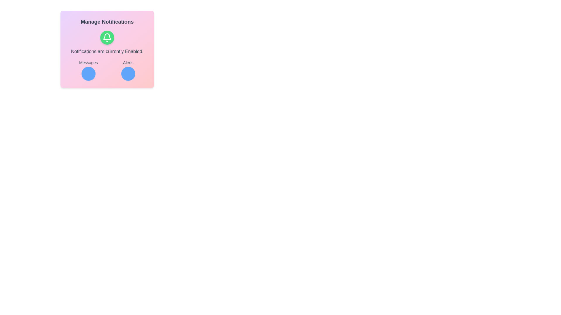 Image resolution: width=561 pixels, height=315 pixels. What do you see at coordinates (107, 21) in the screenshot?
I see `the static text label displaying 'Manage Notifications', which is styled in bold with a large font size and gray color, located at the top-center of a card interface` at bounding box center [107, 21].